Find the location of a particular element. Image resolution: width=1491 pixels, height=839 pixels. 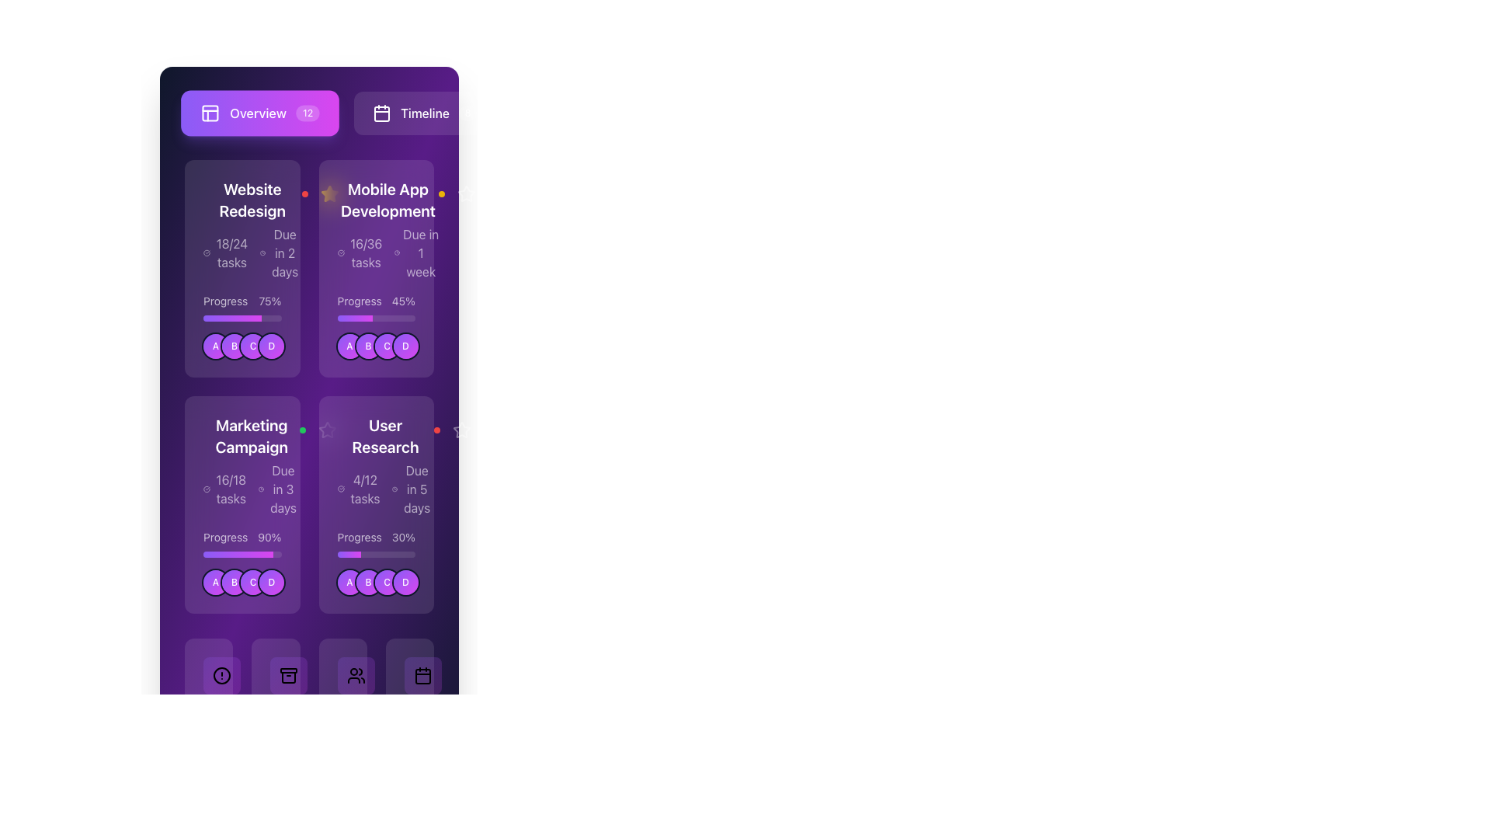

title Text Label that serves as a summary for the associated task card, located in the second row, first column of a grid within the application is located at coordinates (252, 437).